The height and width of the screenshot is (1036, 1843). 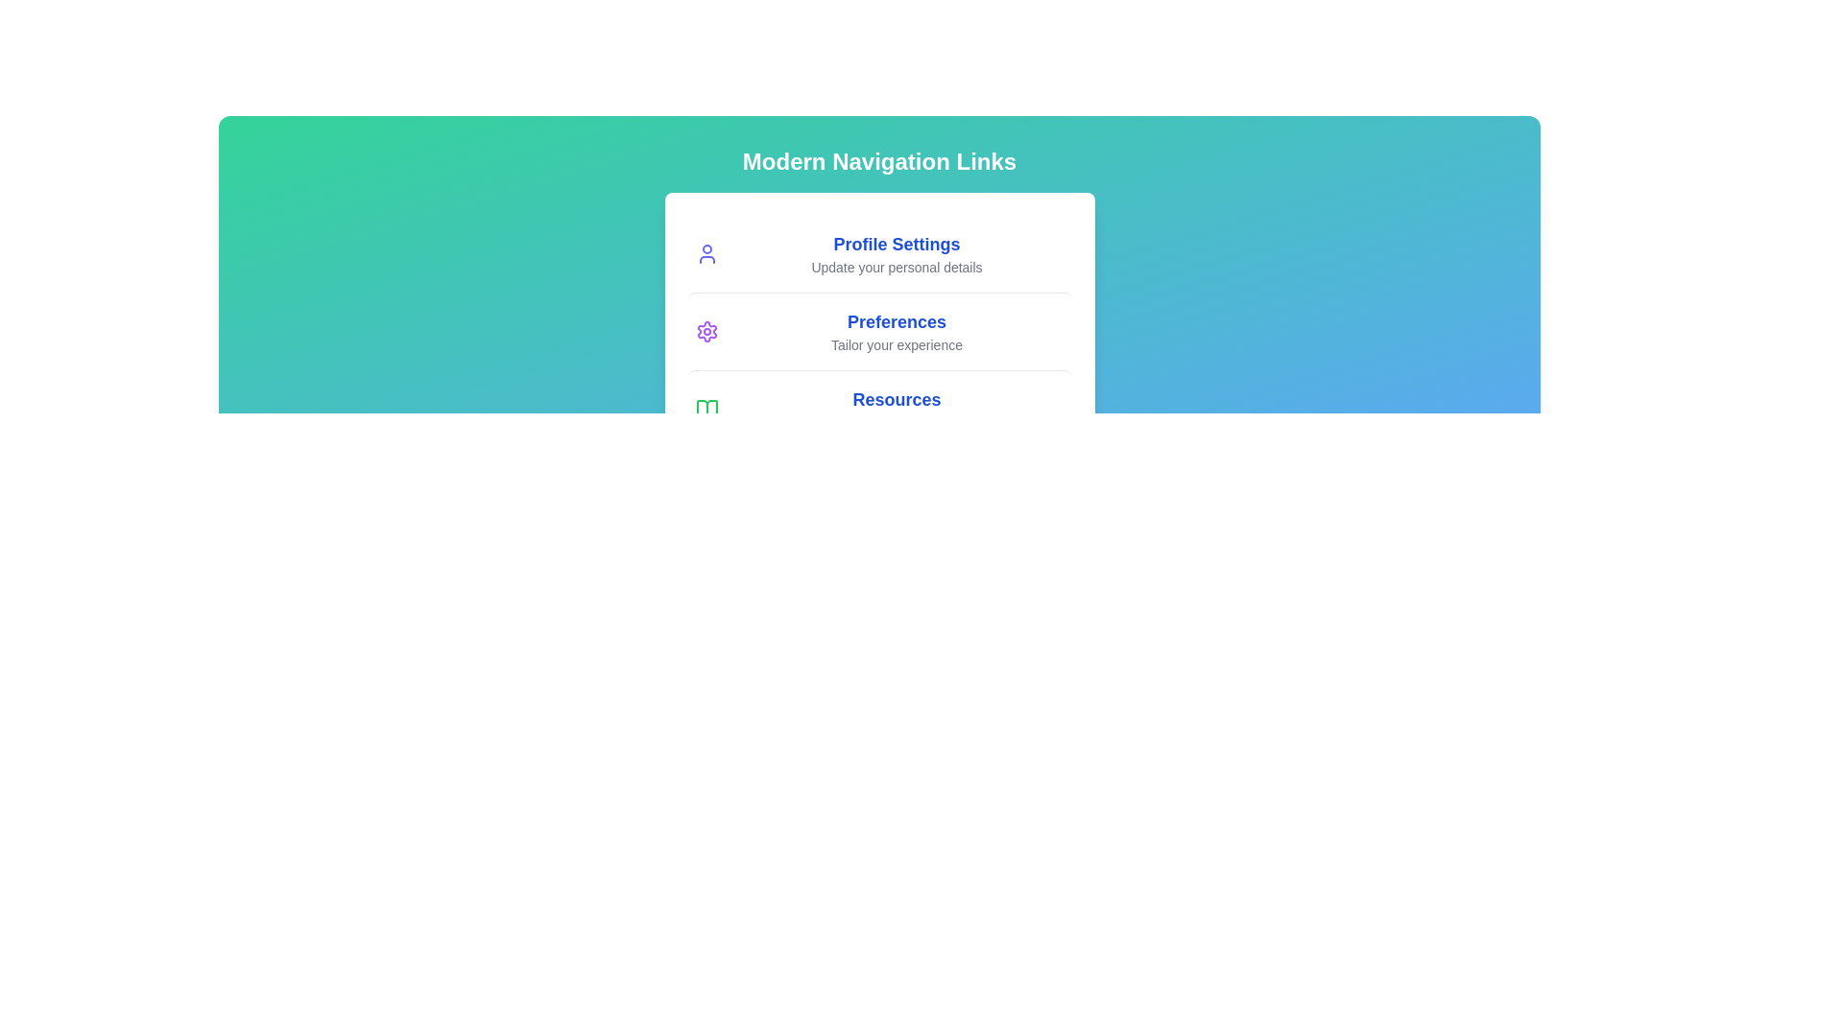 What do you see at coordinates (706, 331) in the screenshot?
I see `the purple gear-shaped settings icon located to the left of the 'Preferences Tailor your experience' text` at bounding box center [706, 331].